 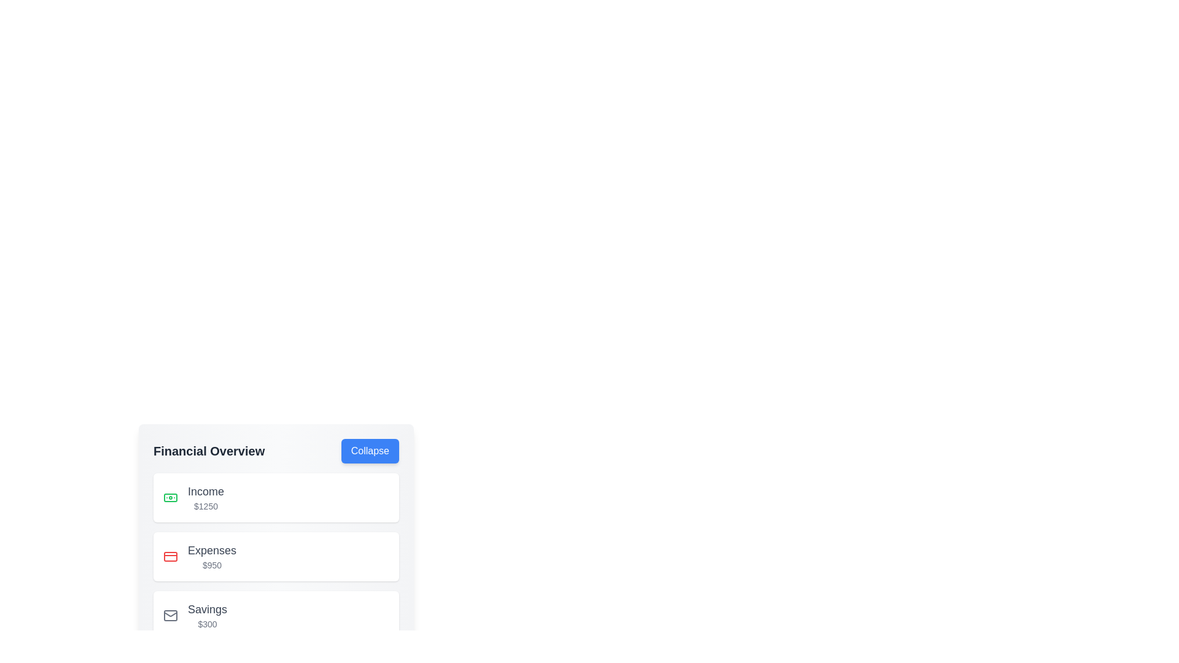 I want to click on the text label reading 'Expenses', which is styled with a bold font and medium gray color, located above the '$950' text as a header for the expense-related data, so click(x=212, y=550).